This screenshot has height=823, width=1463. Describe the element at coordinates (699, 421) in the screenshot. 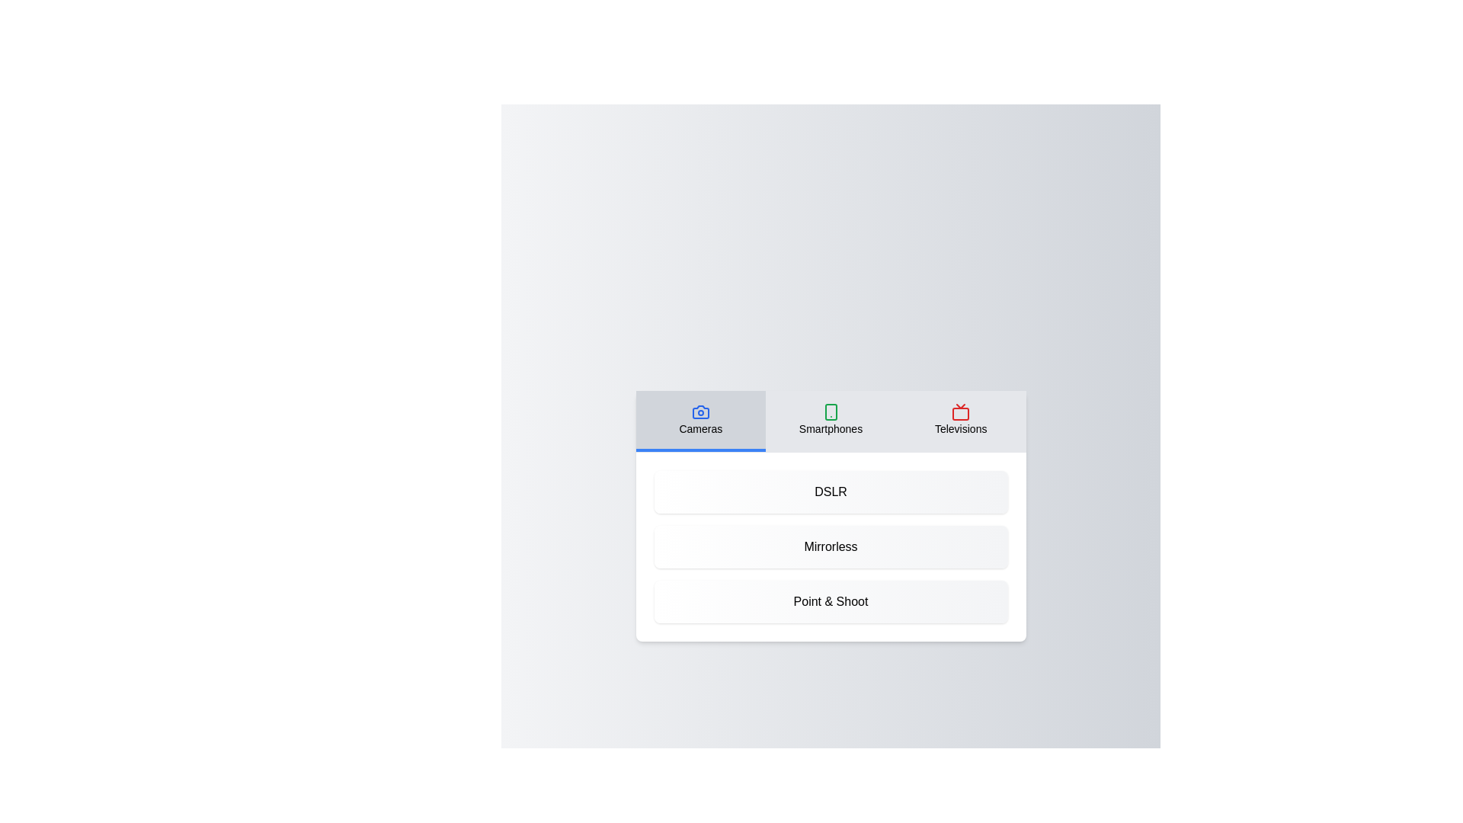

I see `the Cameras tab by clicking on it` at that location.